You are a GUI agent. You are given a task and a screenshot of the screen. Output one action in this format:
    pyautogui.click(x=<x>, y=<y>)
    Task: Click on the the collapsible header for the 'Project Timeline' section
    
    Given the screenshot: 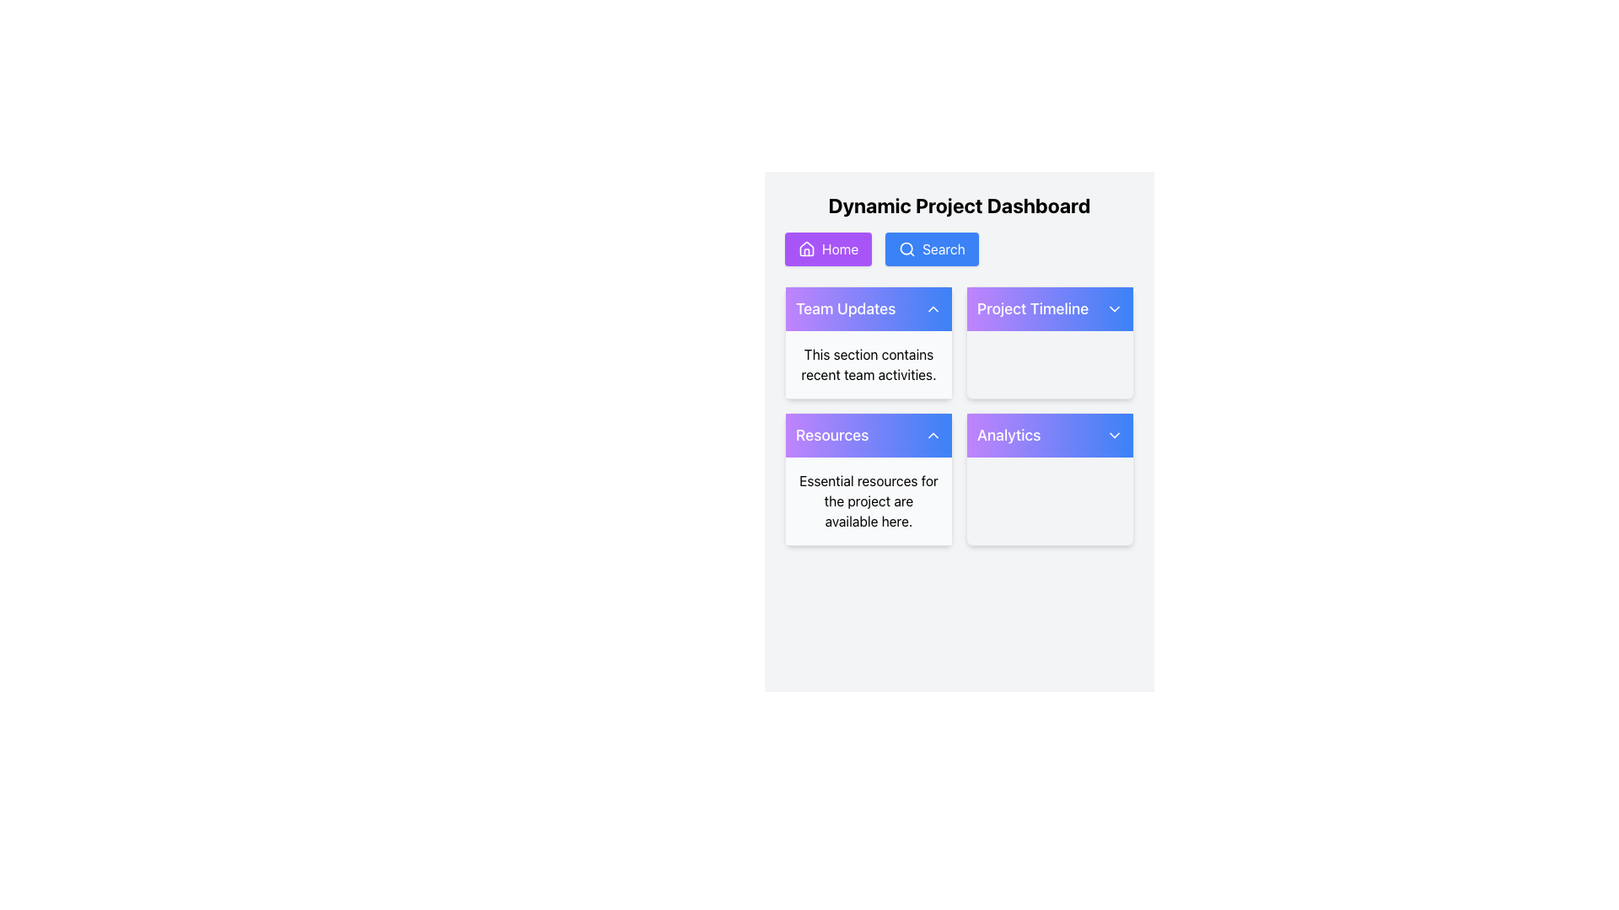 What is the action you would take?
    pyautogui.click(x=1049, y=308)
    